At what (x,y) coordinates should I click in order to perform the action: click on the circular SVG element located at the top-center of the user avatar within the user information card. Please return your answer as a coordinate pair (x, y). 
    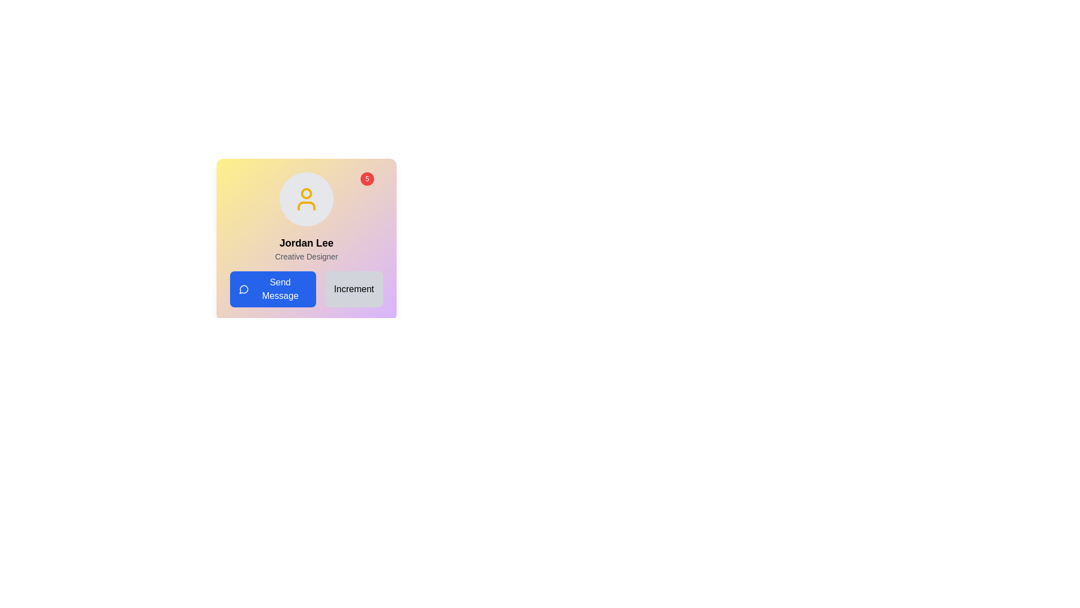
    Looking at the image, I should click on (307, 193).